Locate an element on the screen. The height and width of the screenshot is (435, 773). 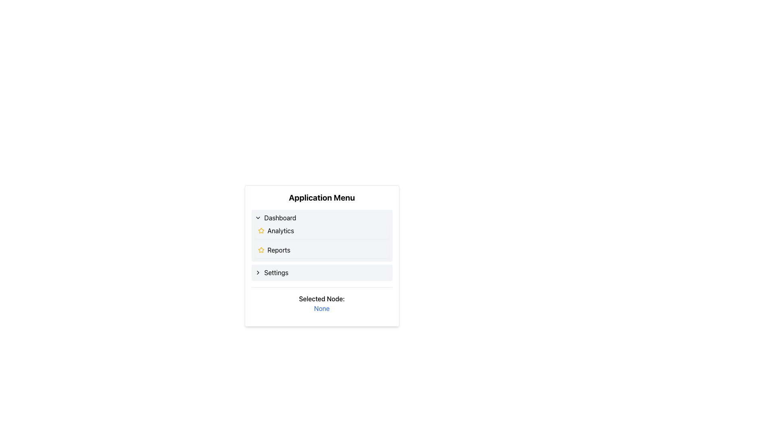
the third menu item in the 'Application Menu' is located at coordinates (321, 250).